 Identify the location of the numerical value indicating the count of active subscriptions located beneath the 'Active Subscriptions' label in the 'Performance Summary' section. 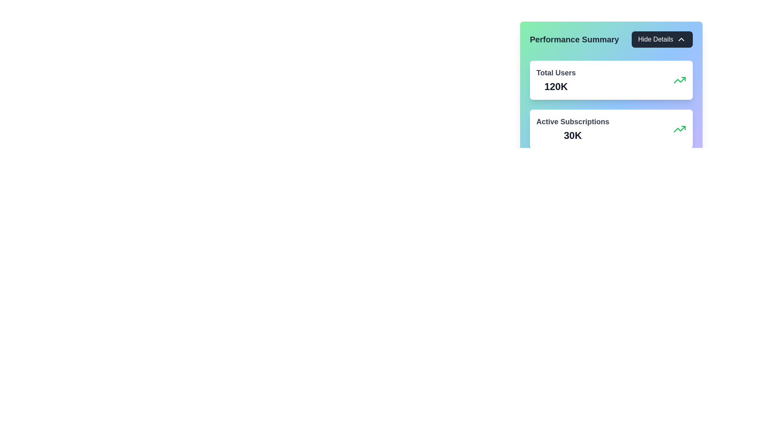
(572, 135).